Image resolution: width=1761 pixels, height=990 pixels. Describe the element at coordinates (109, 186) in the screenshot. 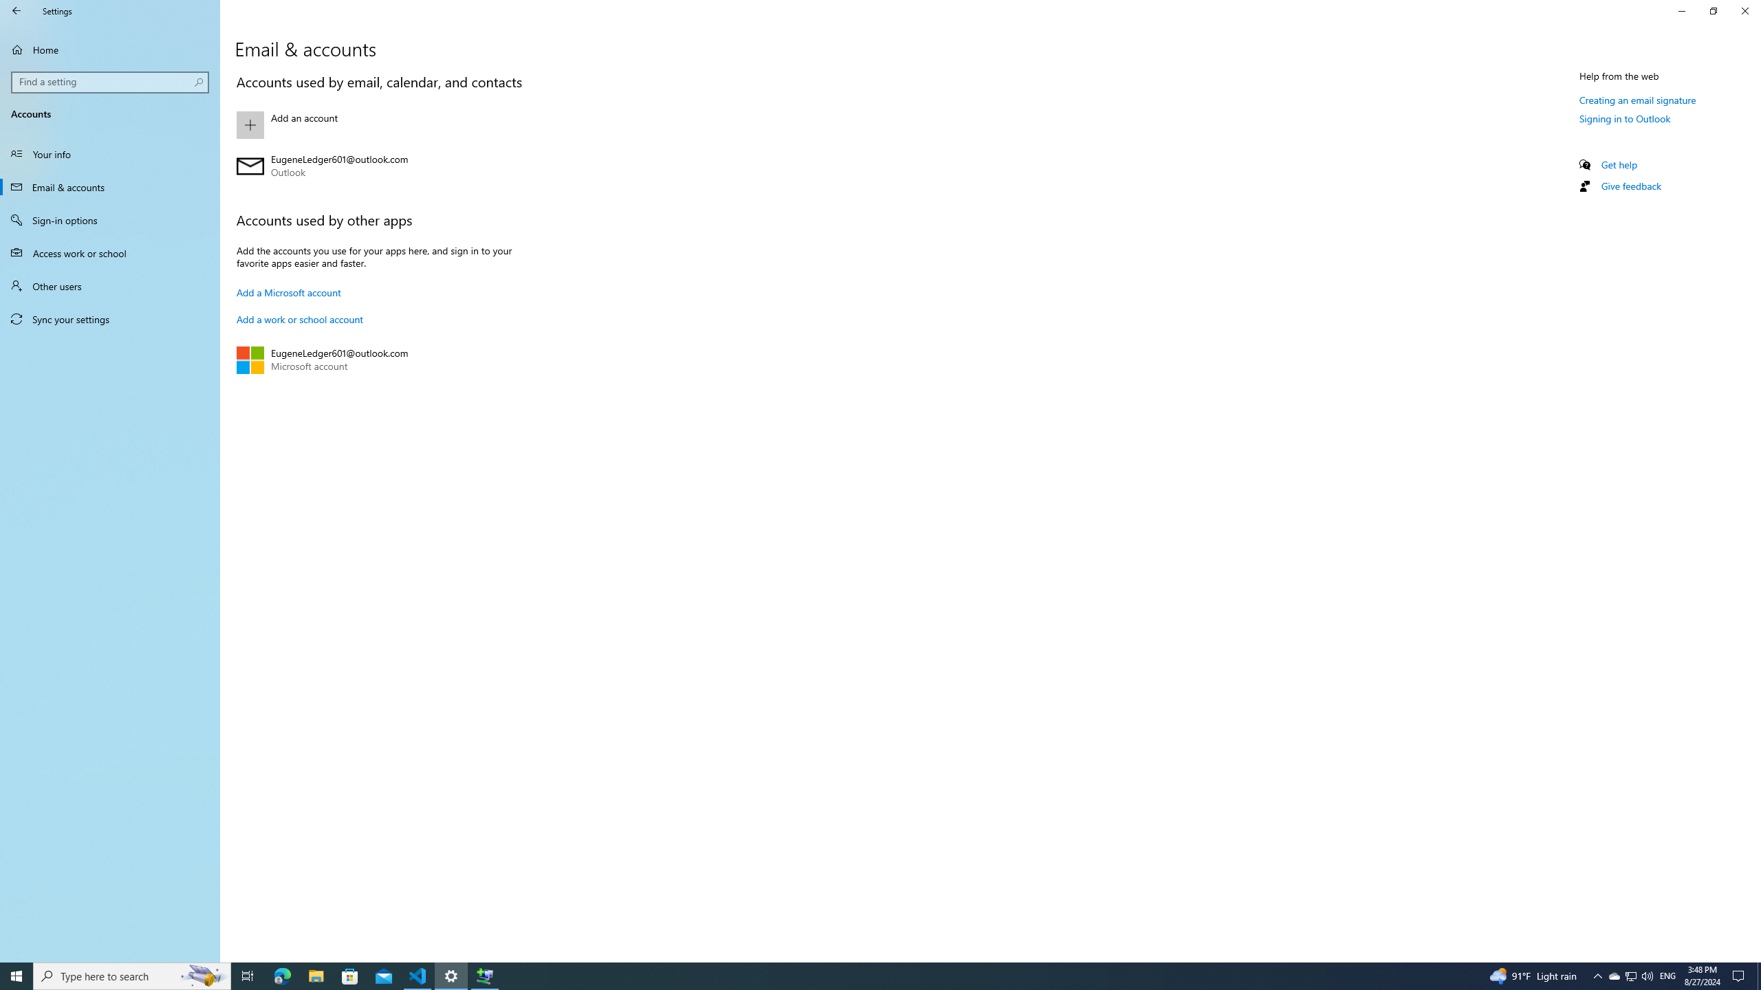

I see `'Email & accounts'` at that location.